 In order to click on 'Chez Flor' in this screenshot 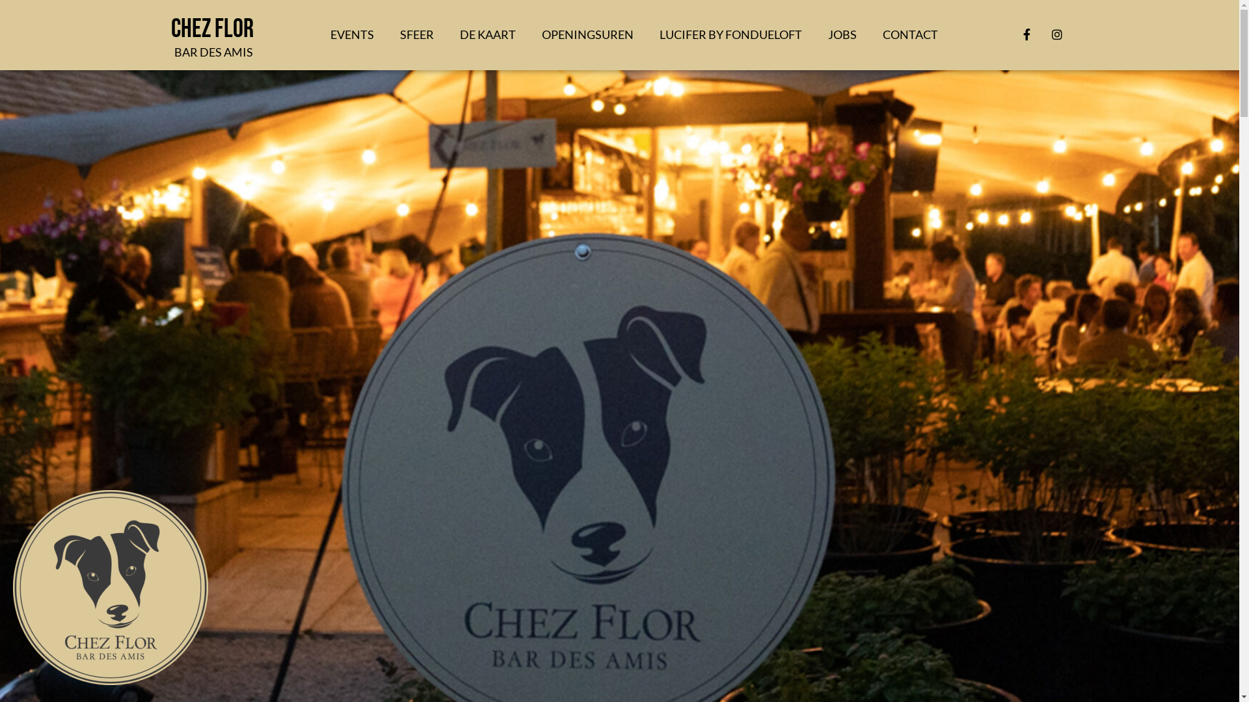, I will do `click(211, 29)`.